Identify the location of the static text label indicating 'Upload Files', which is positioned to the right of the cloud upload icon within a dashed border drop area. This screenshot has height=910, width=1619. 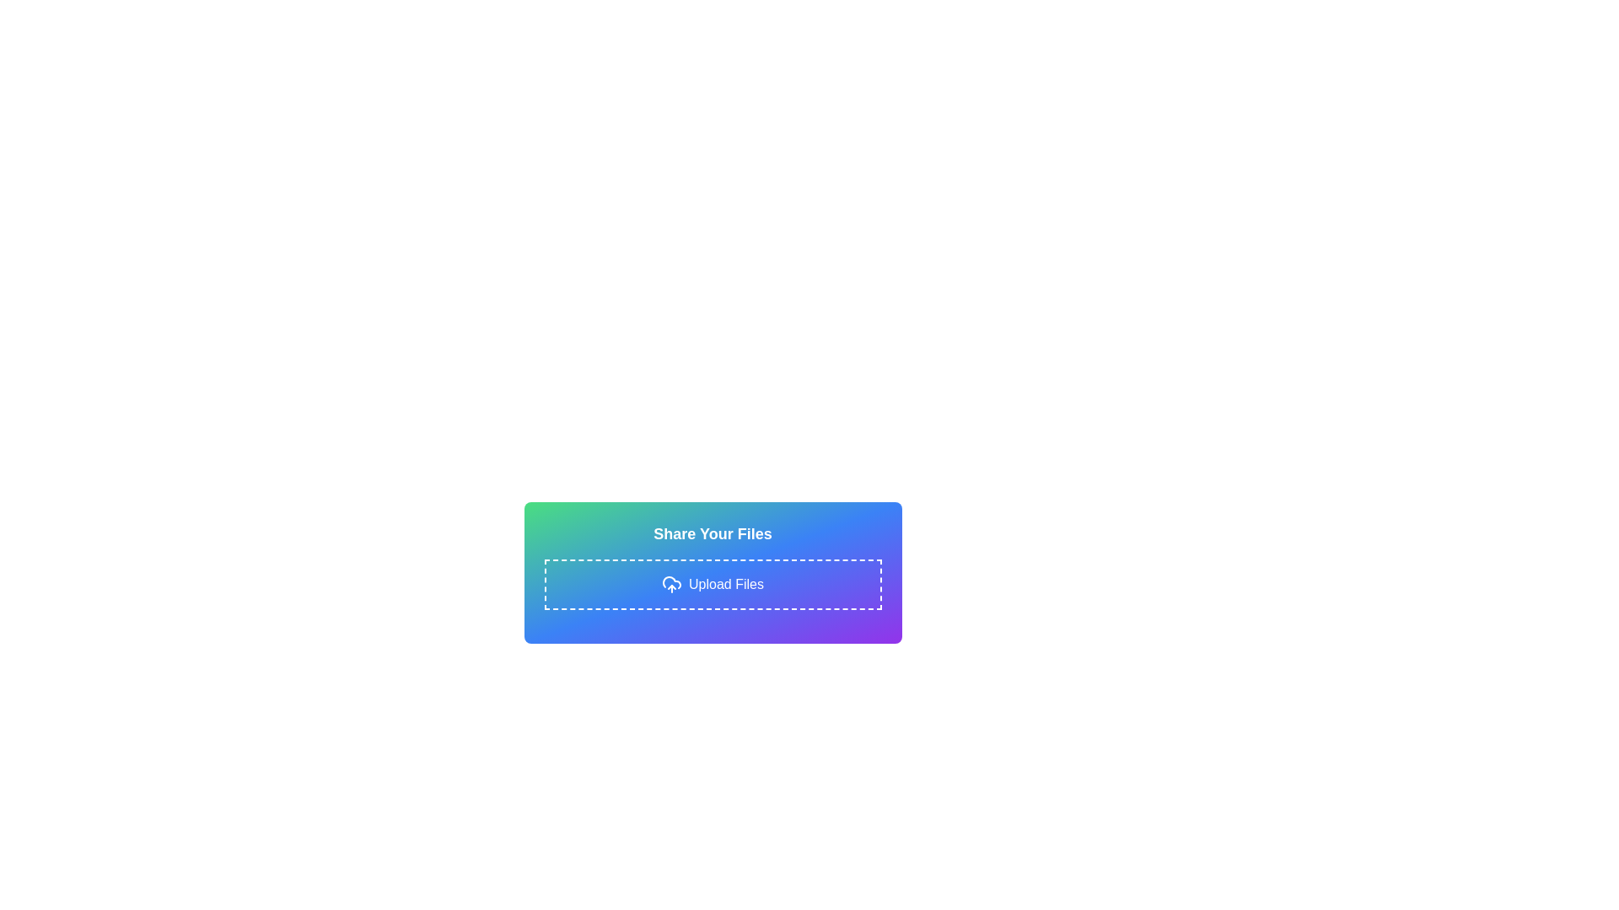
(726, 584).